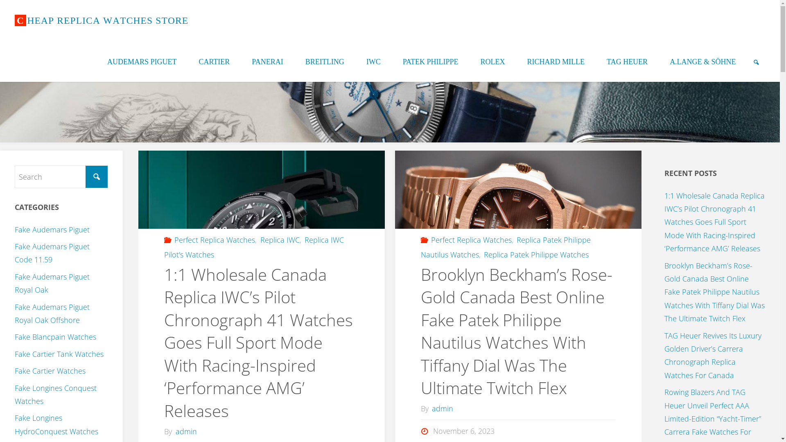 The width and height of the screenshot is (786, 442). I want to click on 'Fake Longines HydroConquest Watches', so click(56, 424).